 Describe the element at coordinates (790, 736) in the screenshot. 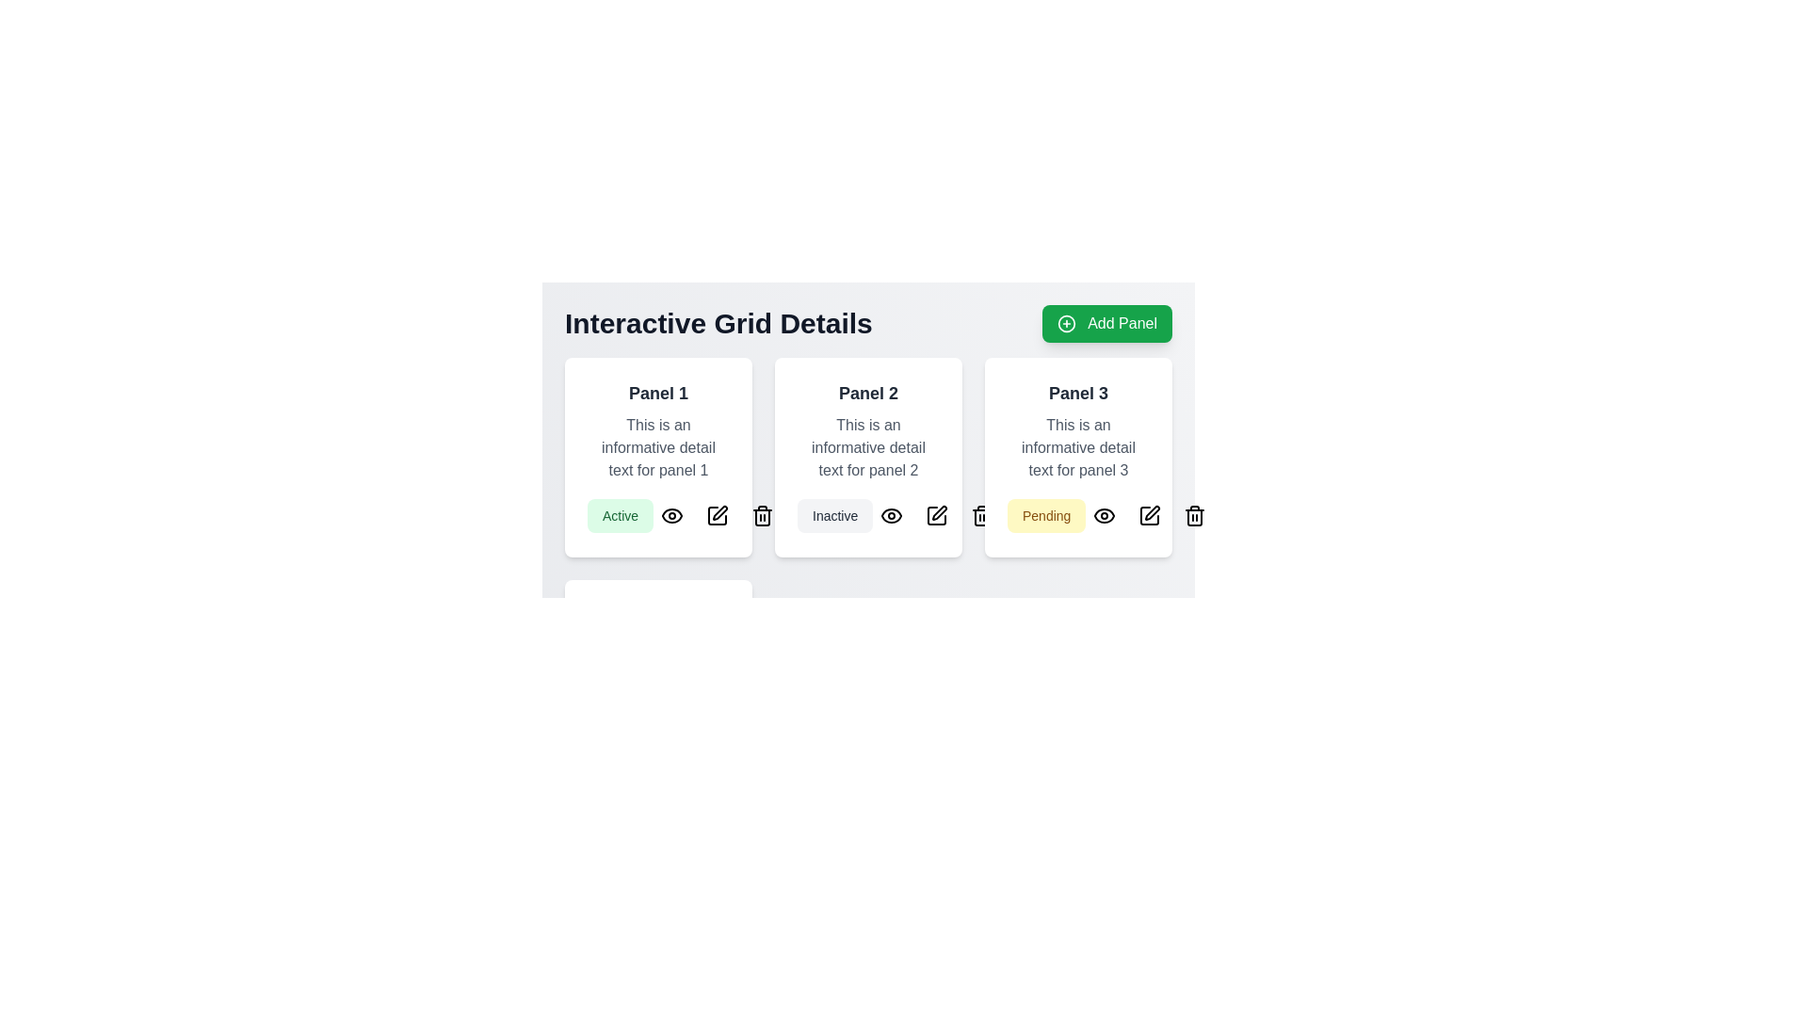

I see `the delete button located at the bottom-right of 'Panel 3'` at that location.